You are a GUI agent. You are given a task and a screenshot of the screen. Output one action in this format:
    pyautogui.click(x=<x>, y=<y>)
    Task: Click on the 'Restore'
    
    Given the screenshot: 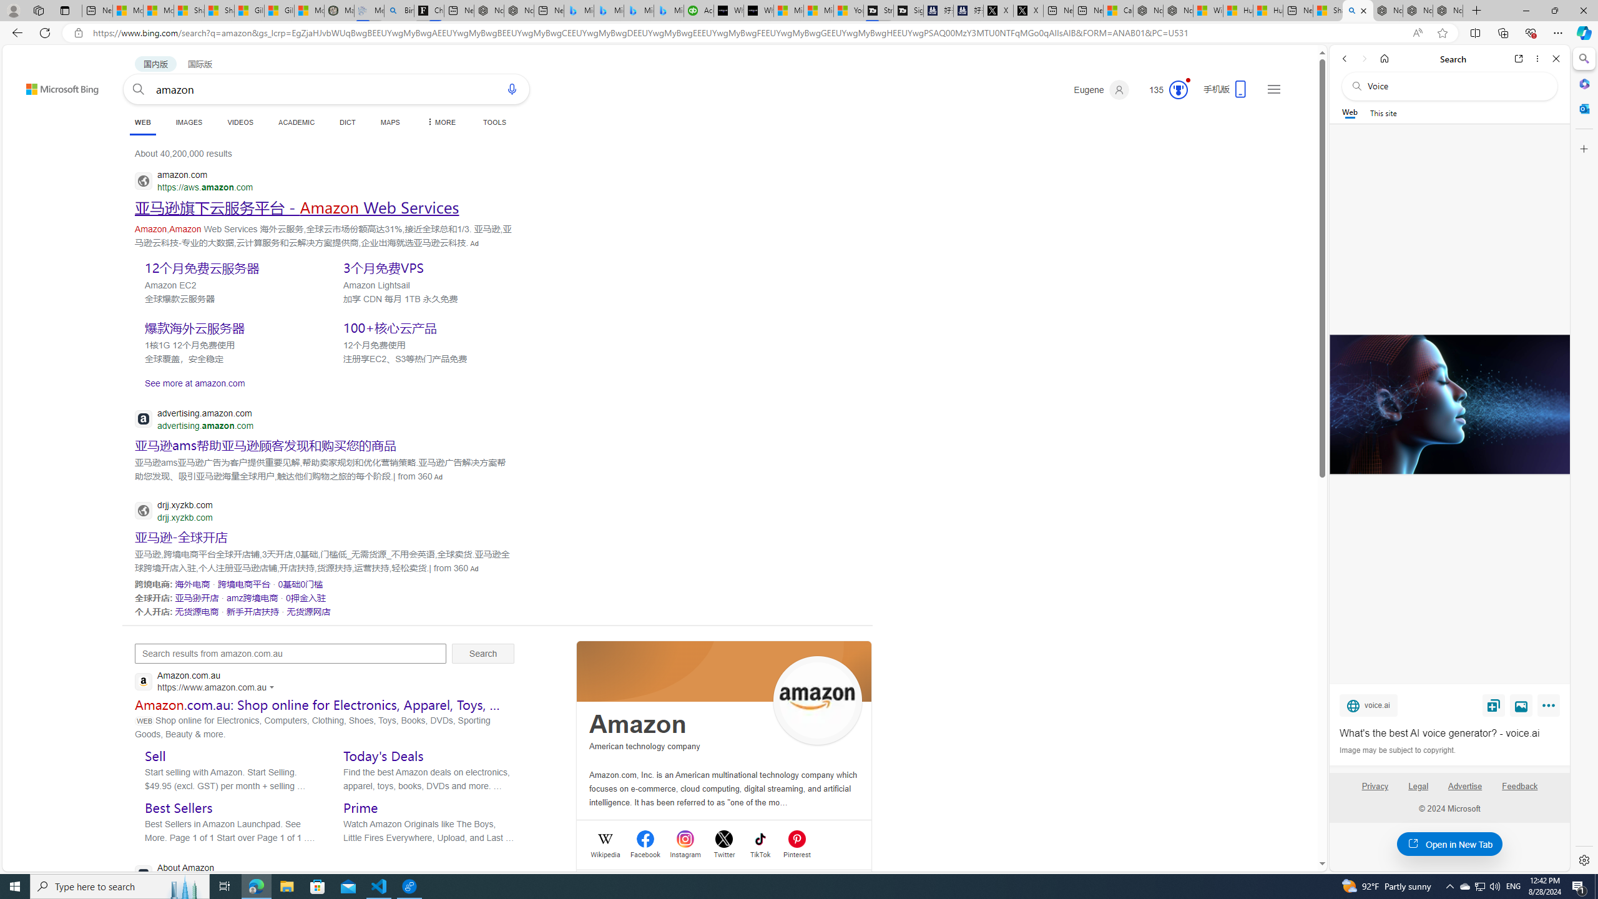 What is the action you would take?
    pyautogui.click(x=1554, y=10)
    